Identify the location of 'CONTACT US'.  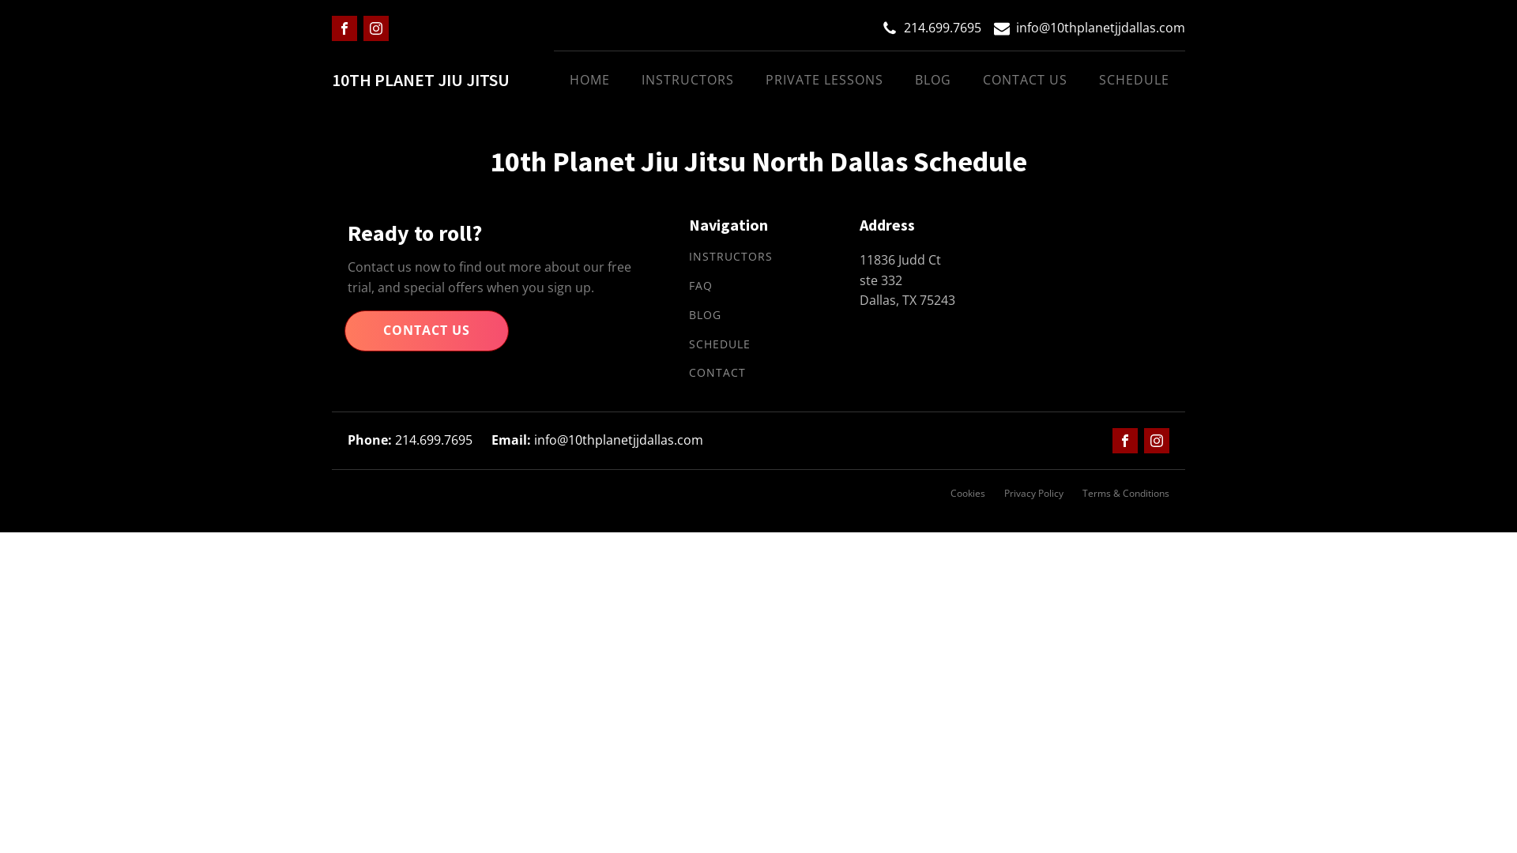
(1025, 80).